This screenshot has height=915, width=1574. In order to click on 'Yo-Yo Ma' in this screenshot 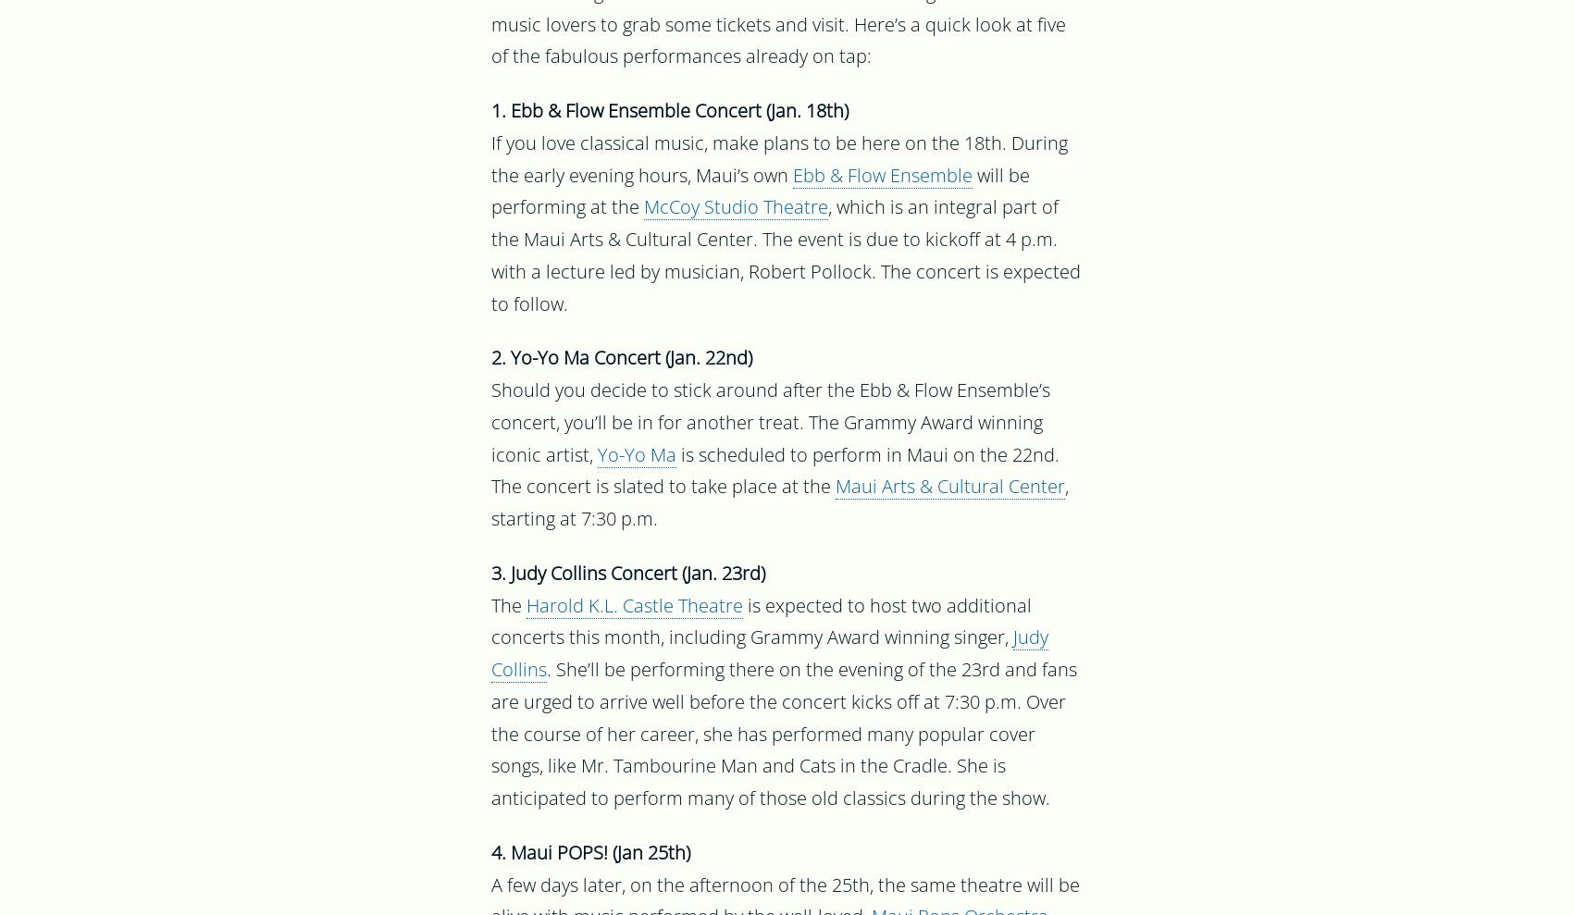, I will do `click(635, 456)`.